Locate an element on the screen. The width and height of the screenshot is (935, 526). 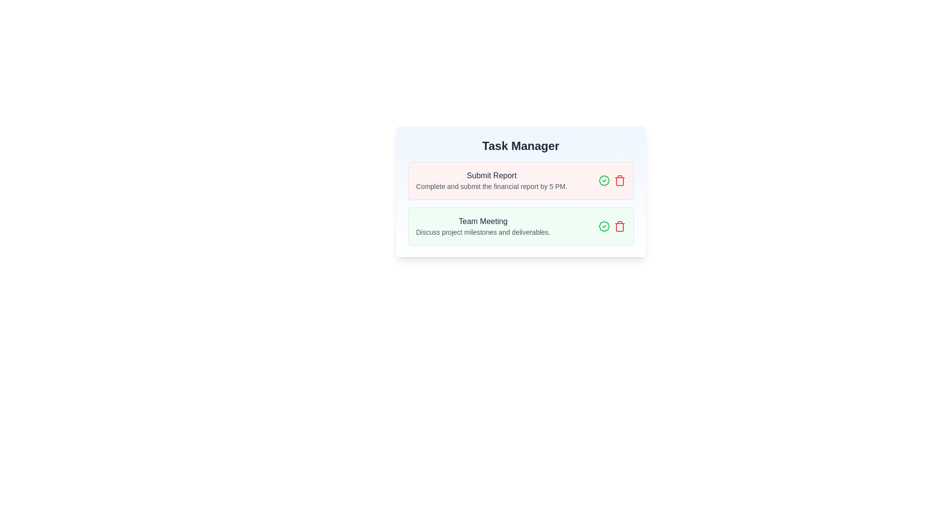
the decorative graphical icon that visually represents a status or category, located on the right side of the task description beneath the 'Submit Report' task is located at coordinates (603, 226).